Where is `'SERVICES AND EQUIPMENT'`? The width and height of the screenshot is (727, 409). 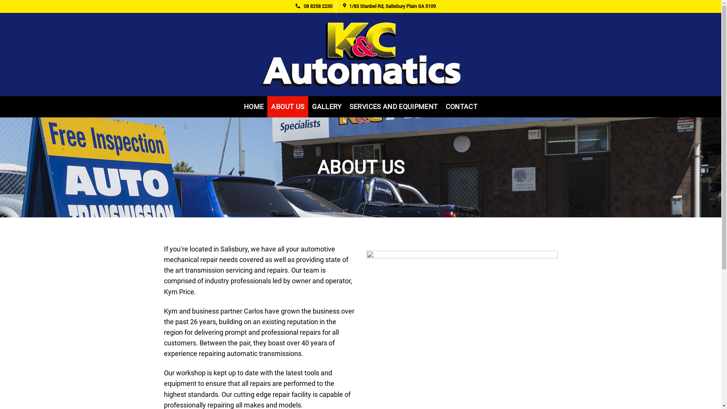
'SERVICES AND EQUIPMENT' is located at coordinates (394, 106).